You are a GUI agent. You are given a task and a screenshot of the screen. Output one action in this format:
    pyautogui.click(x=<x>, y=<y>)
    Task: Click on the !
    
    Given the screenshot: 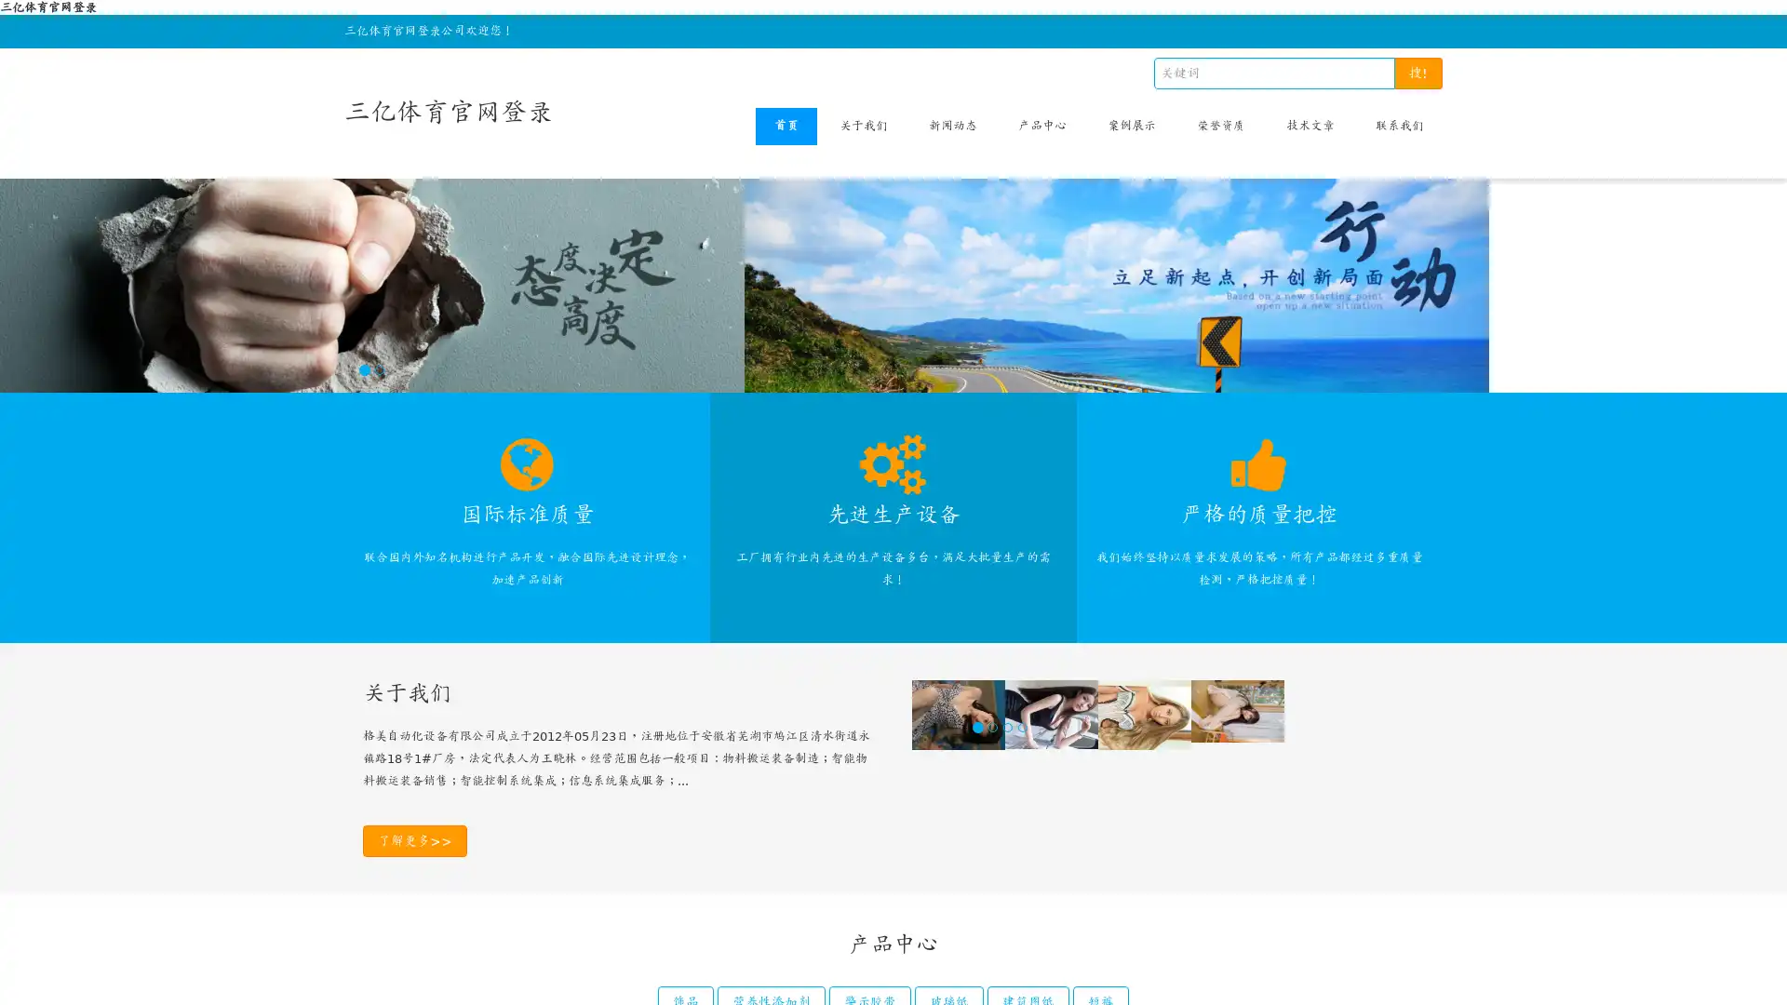 What is the action you would take?
    pyautogui.click(x=1418, y=72)
    